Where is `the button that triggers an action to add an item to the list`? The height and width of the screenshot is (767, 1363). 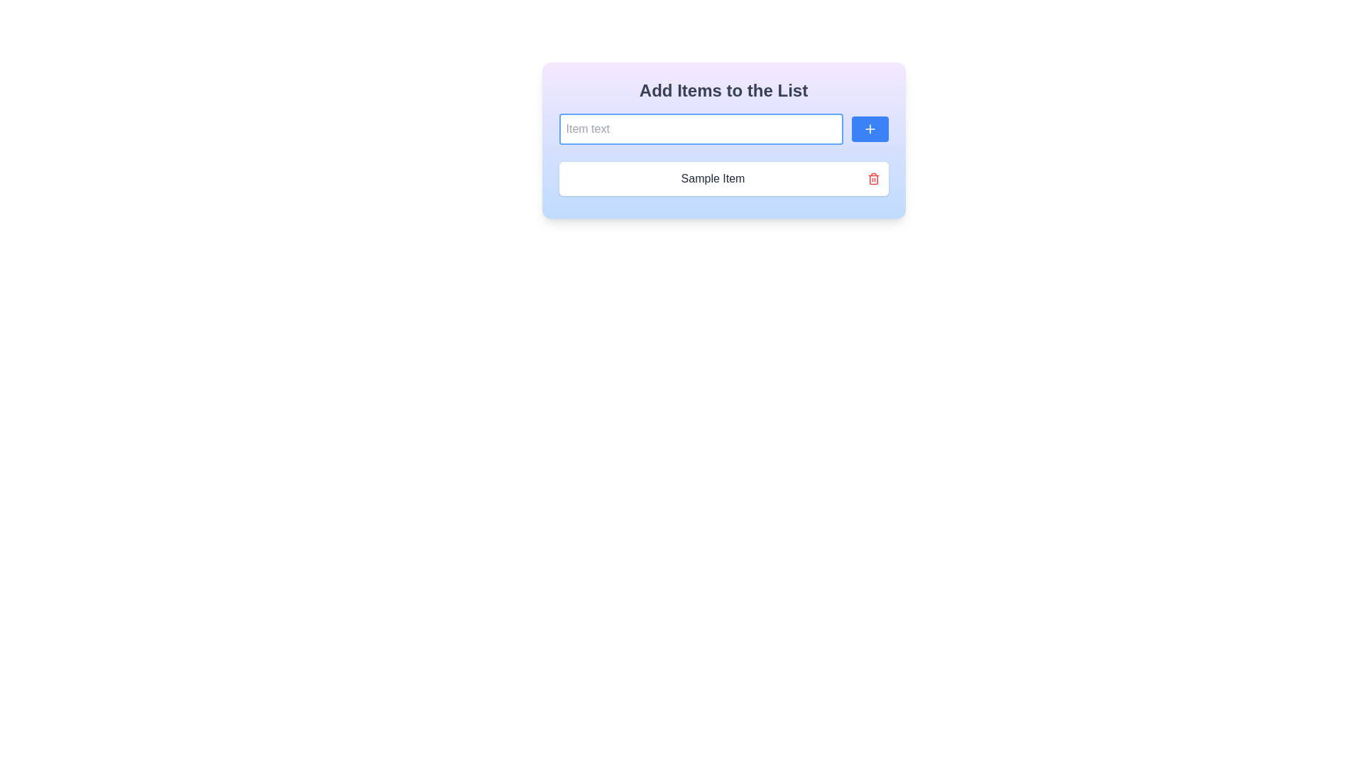
the button that triggers an action to add an item to the list is located at coordinates (869, 129).